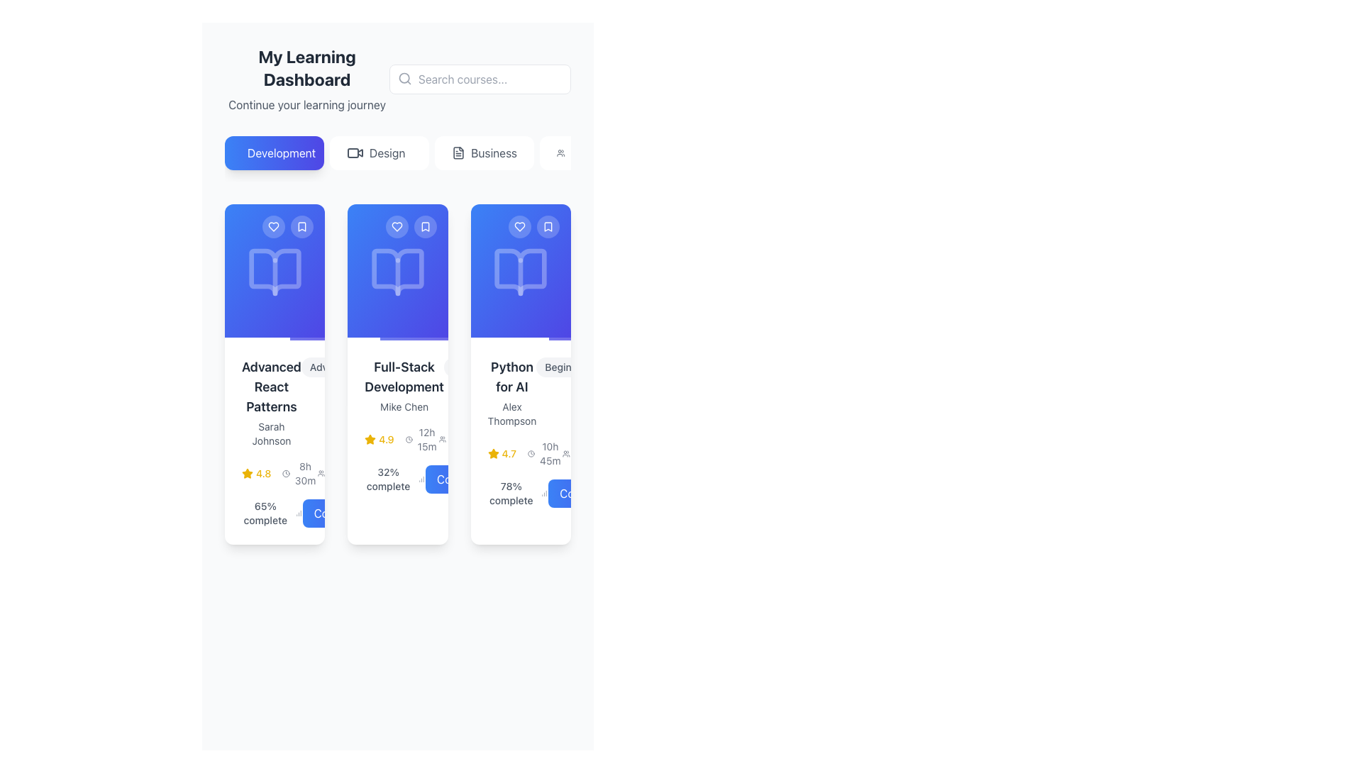  Describe the element at coordinates (404, 79) in the screenshot. I see `the search icon located inside the search input field at the top-right section of the dashboard, adjacent to the placeholder text 'Search courses...'` at that location.